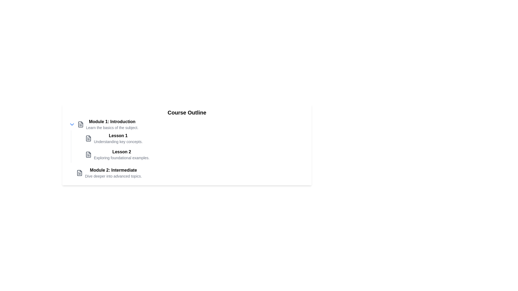  I want to click on the second lesson labeled 'Lesson 2' with the description 'Exploring foundational examples.' under the 'Module 1: Introduction' section, so click(190, 155).